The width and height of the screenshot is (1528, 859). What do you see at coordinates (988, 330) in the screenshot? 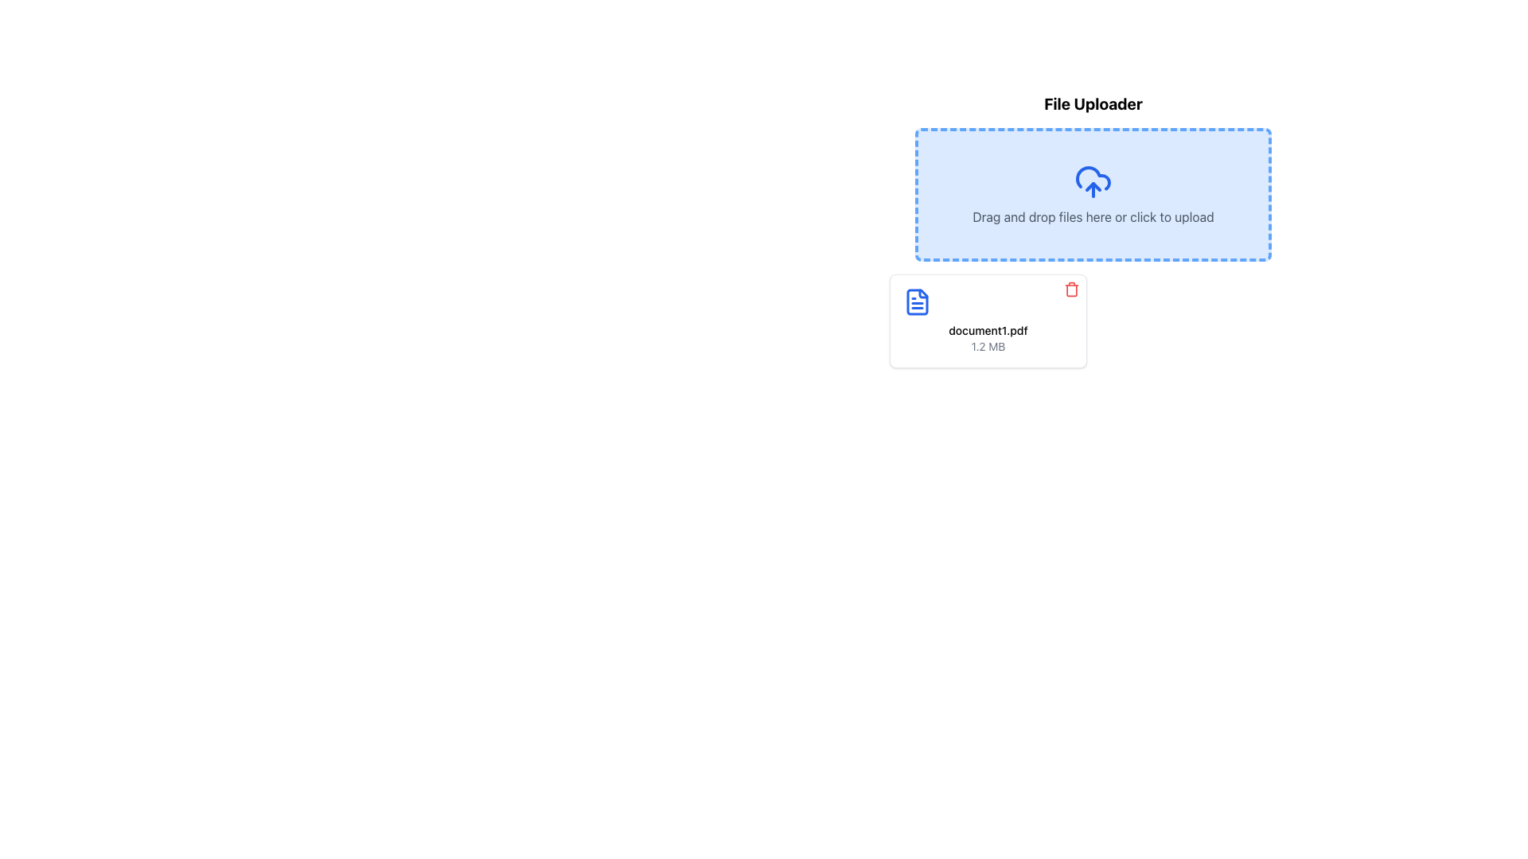
I see `the Text label that displays the filename of the uploaded file in the lower right section of the File Uploader interface` at bounding box center [988, 330].